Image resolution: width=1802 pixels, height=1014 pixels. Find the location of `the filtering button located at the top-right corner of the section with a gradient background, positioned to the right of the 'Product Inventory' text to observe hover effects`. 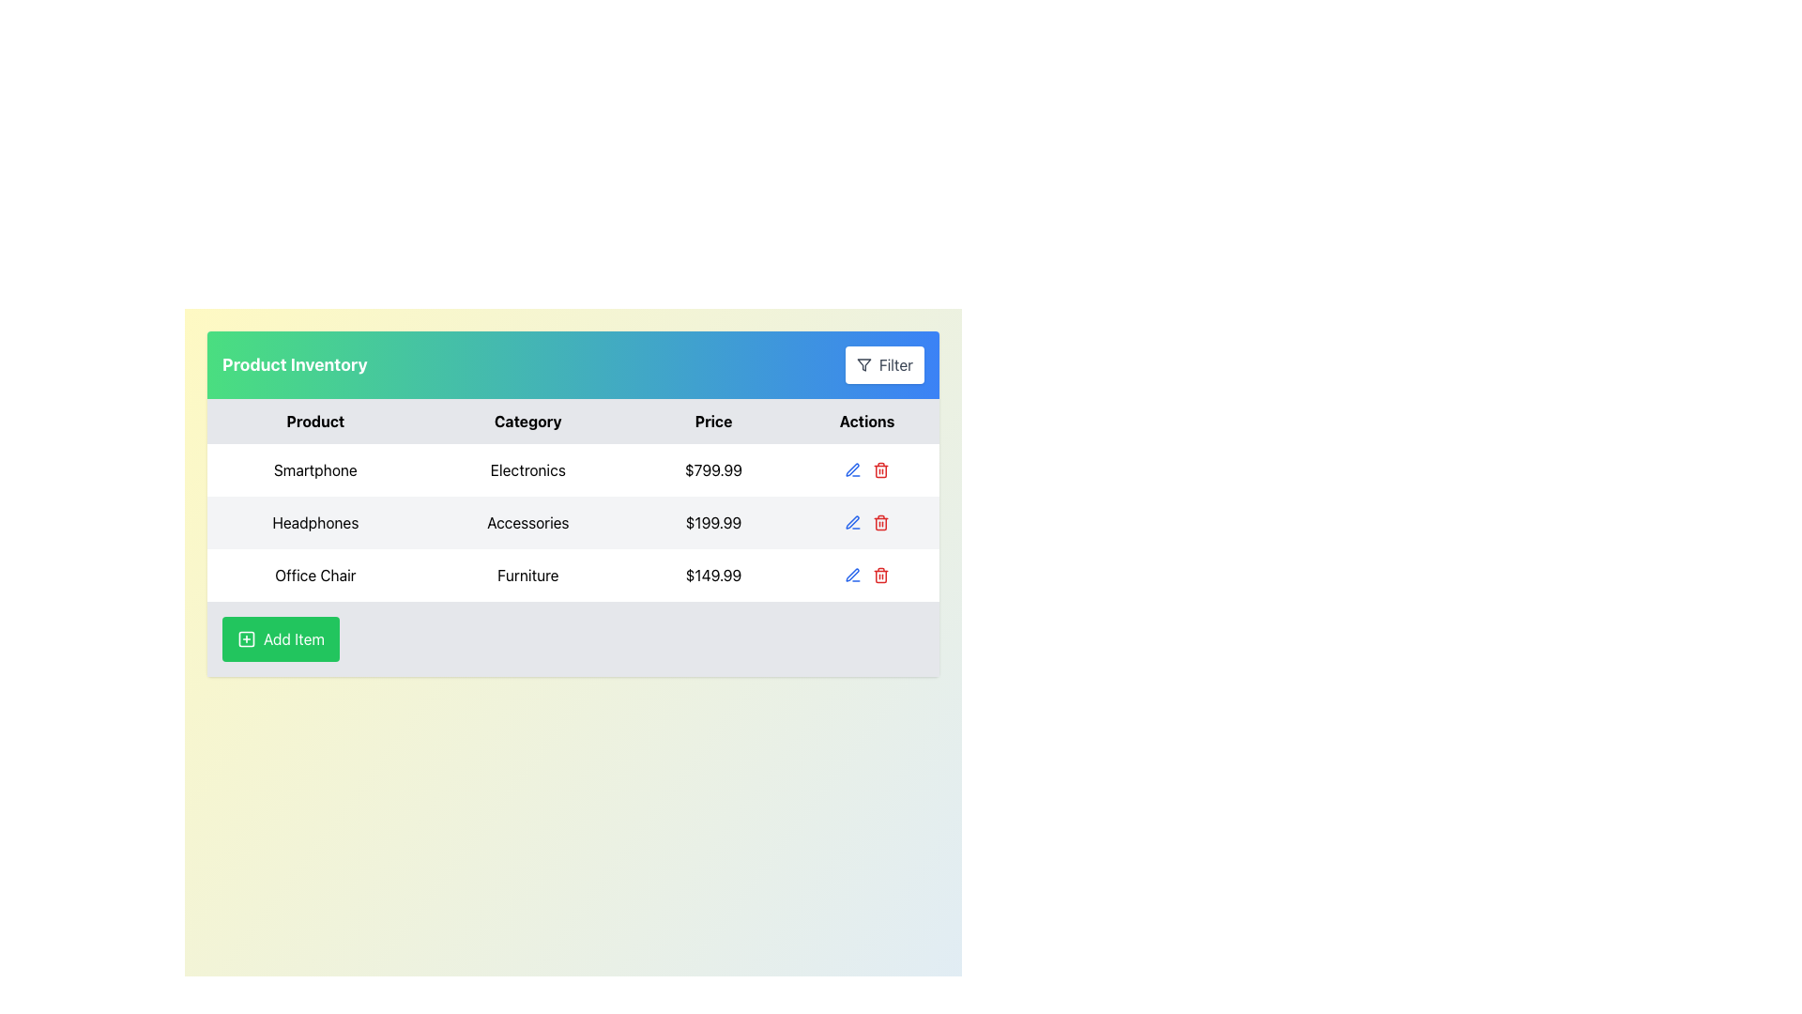

the filtering button located at the top-right corner of the section with a gradient background, positioned to the right of the 'Product Inventory' text to observe hover effects is located at coordinates (883, 365).